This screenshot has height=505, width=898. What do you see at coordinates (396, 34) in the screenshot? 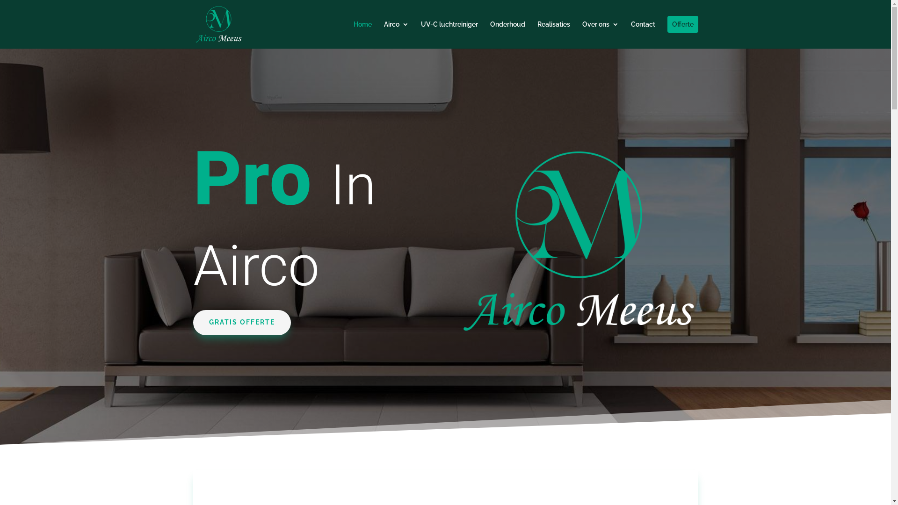
I see `'Airco'` at bounding box center [396, 34].